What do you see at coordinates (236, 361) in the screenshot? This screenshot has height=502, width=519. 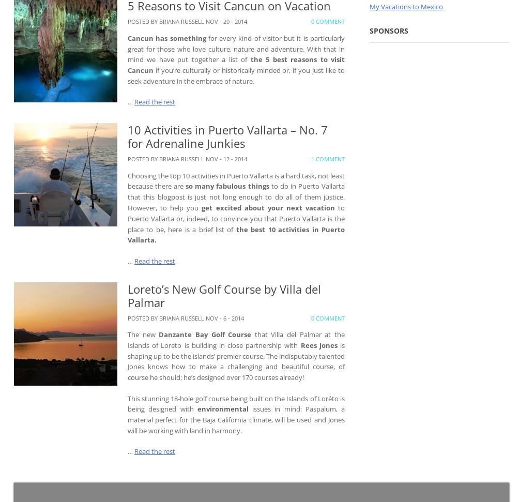 I see `'is shaping up to be the islands’ premier course. The indisputably talented Jones knows how to make a challenging and beautiful course, of course he should; he’s designed over 170 courses already!'` at bounding box center [236, 361].